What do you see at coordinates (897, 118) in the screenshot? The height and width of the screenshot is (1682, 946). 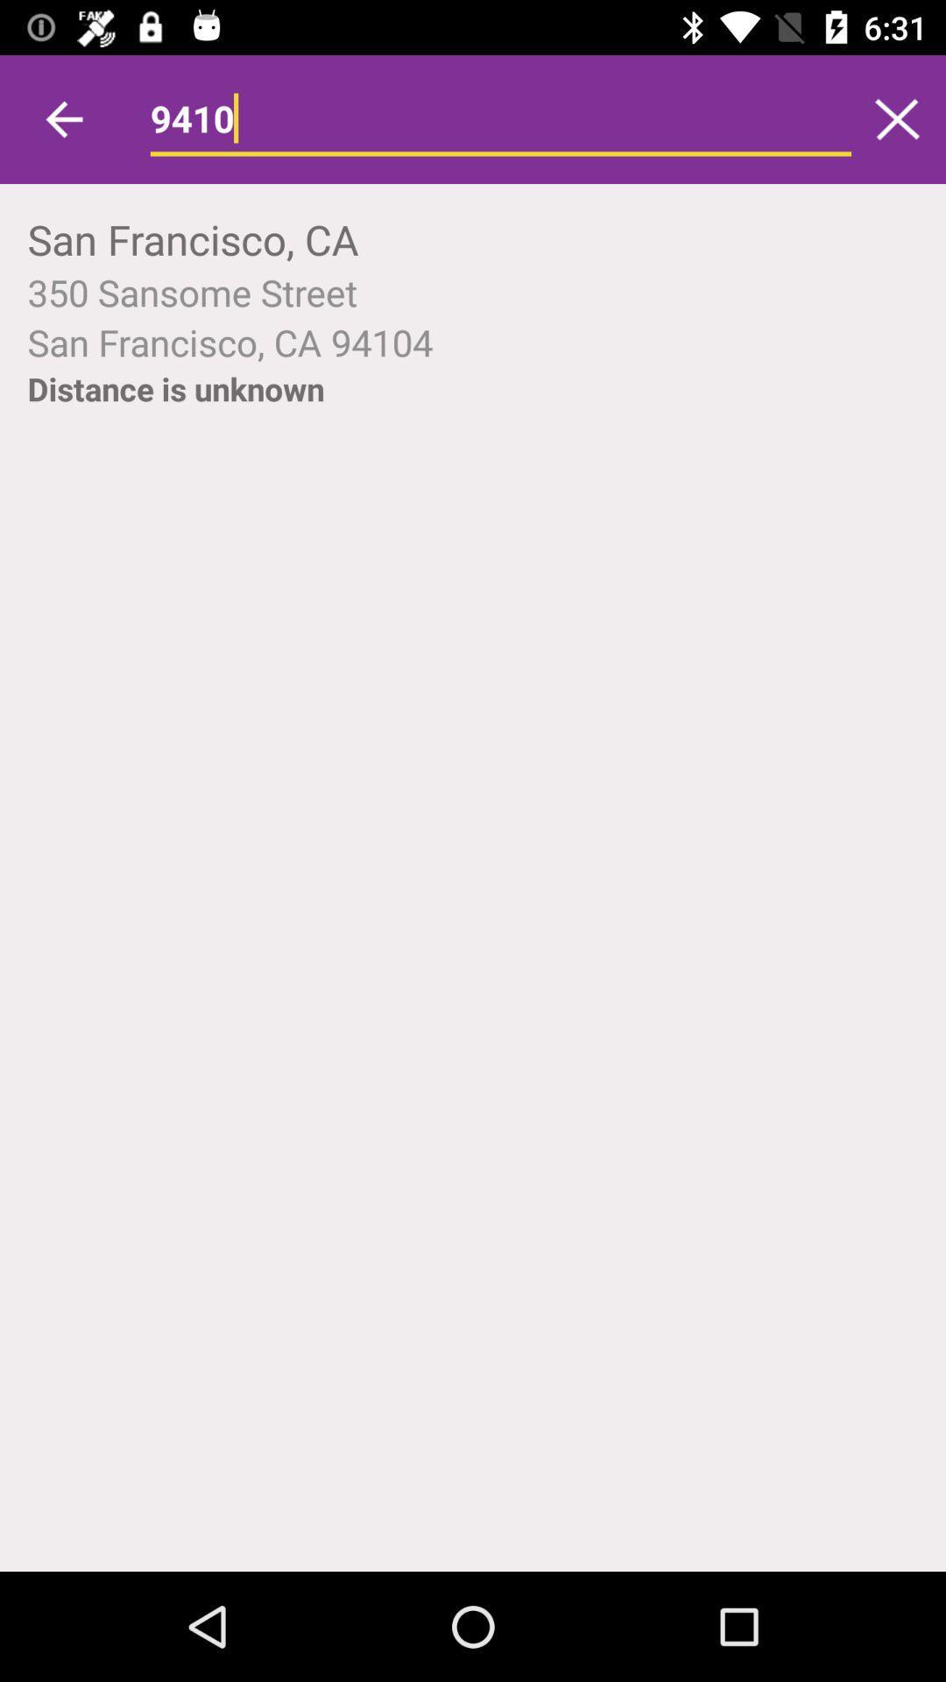 I see `the icon above san francisco, ca icon` at bounding box center [897, 118].